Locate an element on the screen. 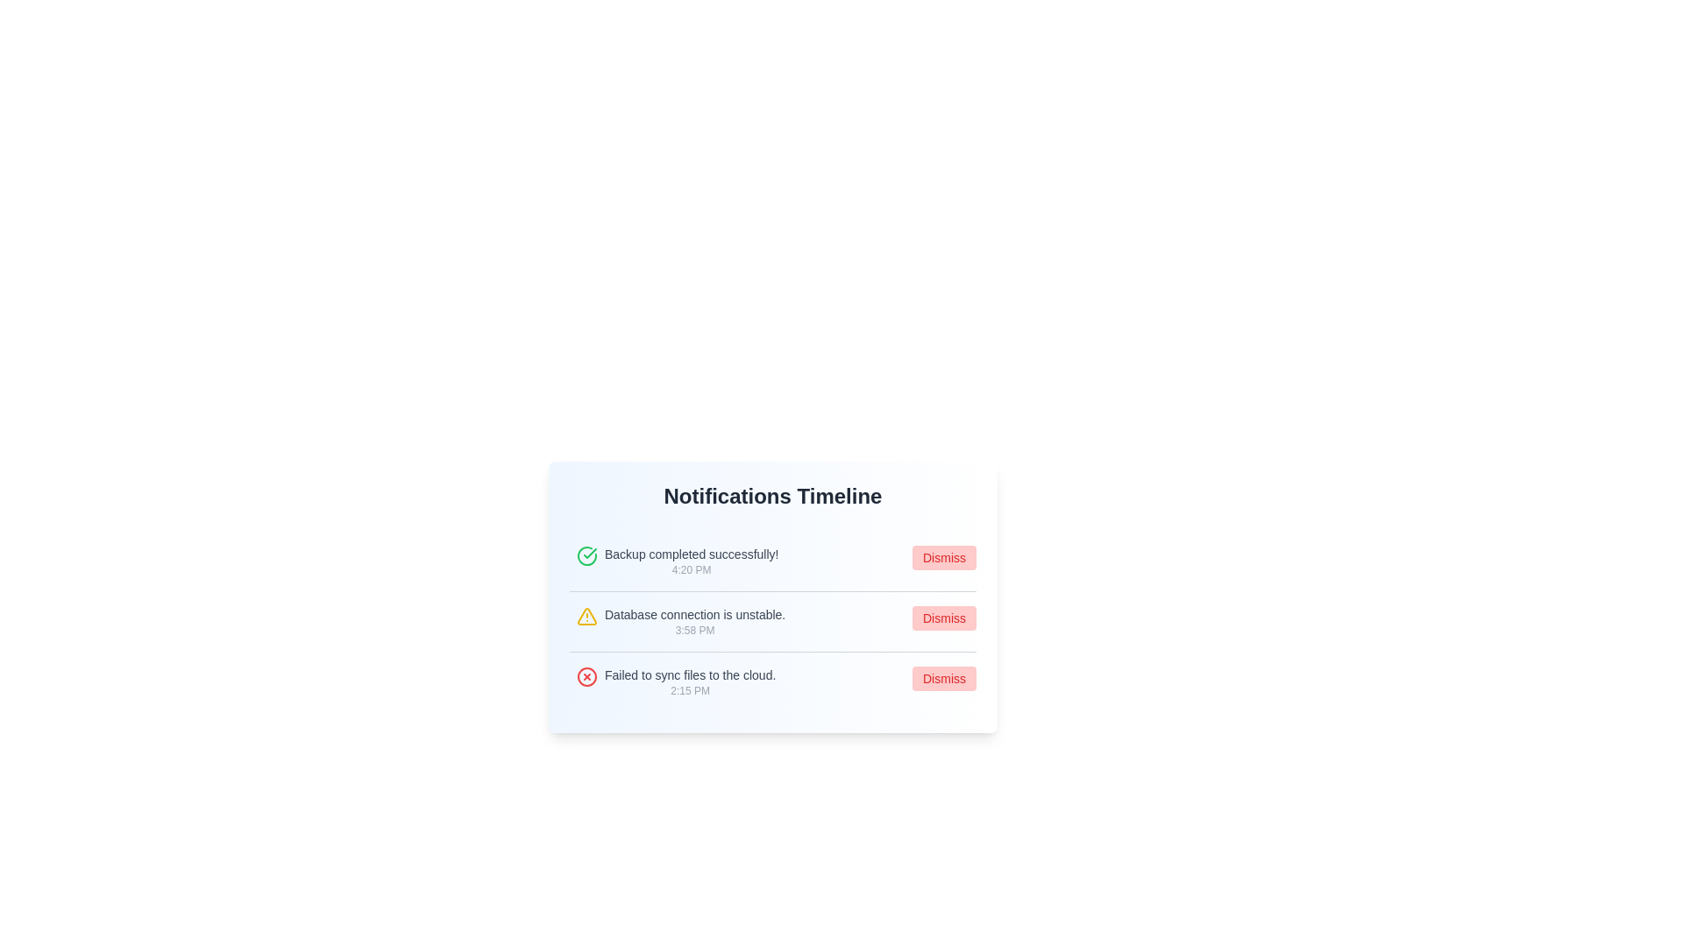 This screenshot has width=1683, height=946. the text label displaying the time of the notification, which is located beneath the message text 'Failed to sync files to the cloud' in the notification card is located at coordinates (689, 690).